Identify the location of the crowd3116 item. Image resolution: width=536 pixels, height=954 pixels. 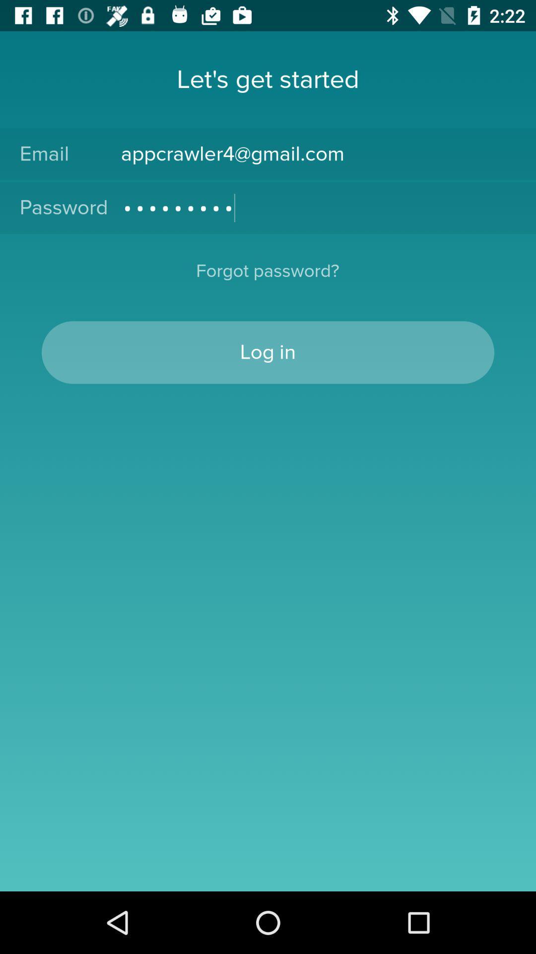
(318, 207).